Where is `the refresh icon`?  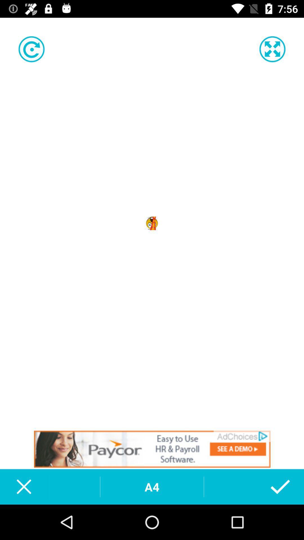
the refresh icon is located at coordinates (32, 49).